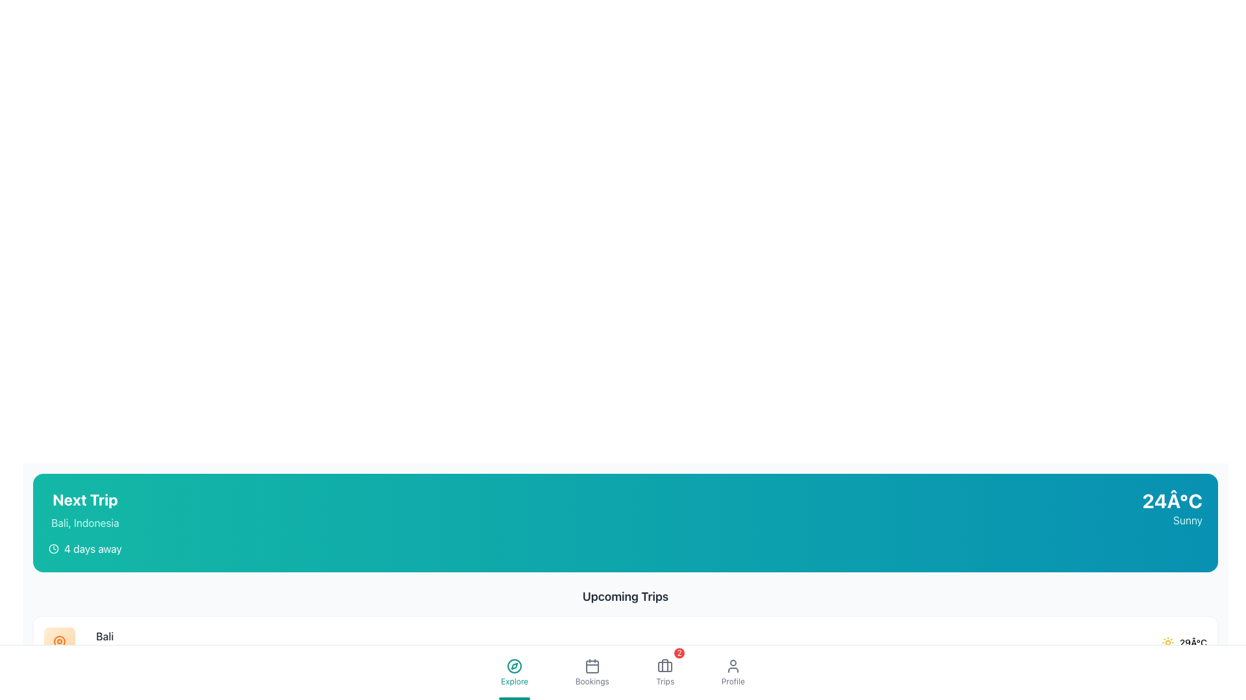 This screenshot has height=700, width=1246. I want to click on the Navigation Button that features a briefcase icon and a label reading 'Trips', which is the third icon from the left in the bottom navigation bar, so click(665, 671).